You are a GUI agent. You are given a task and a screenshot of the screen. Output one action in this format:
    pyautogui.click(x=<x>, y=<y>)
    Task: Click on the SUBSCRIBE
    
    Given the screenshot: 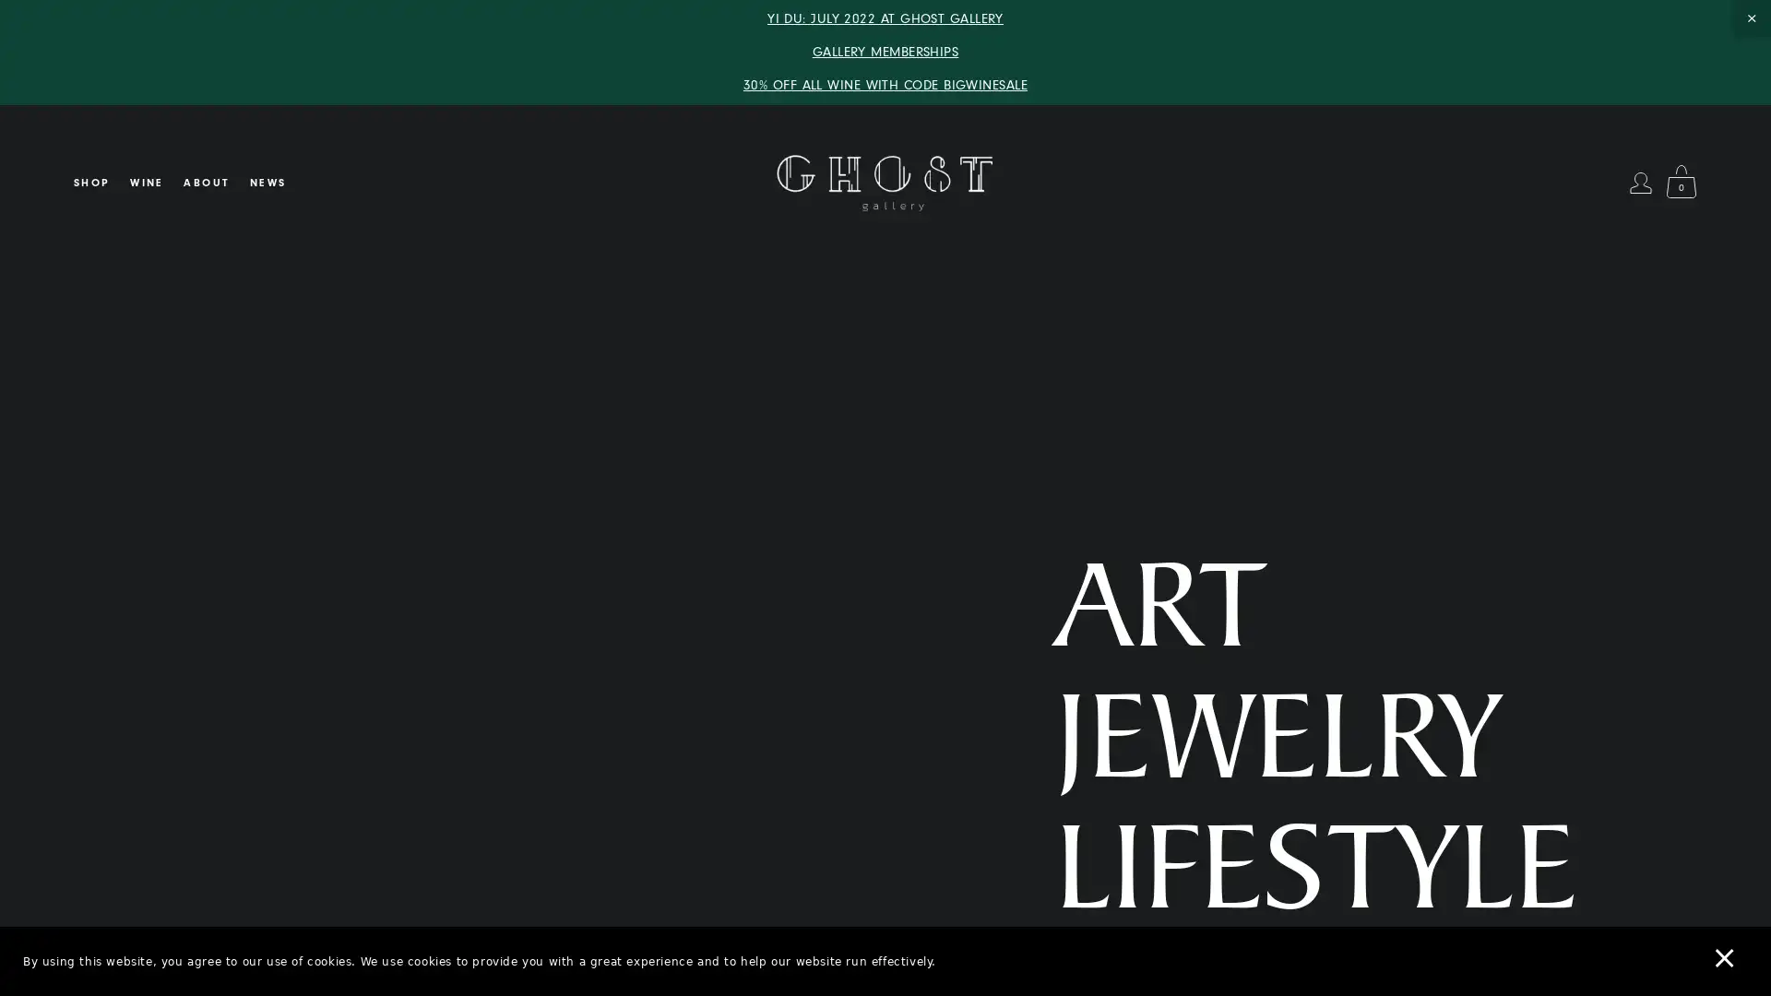 What is the action you would take?
    pyautogui.click(x=1561, y=787)
    